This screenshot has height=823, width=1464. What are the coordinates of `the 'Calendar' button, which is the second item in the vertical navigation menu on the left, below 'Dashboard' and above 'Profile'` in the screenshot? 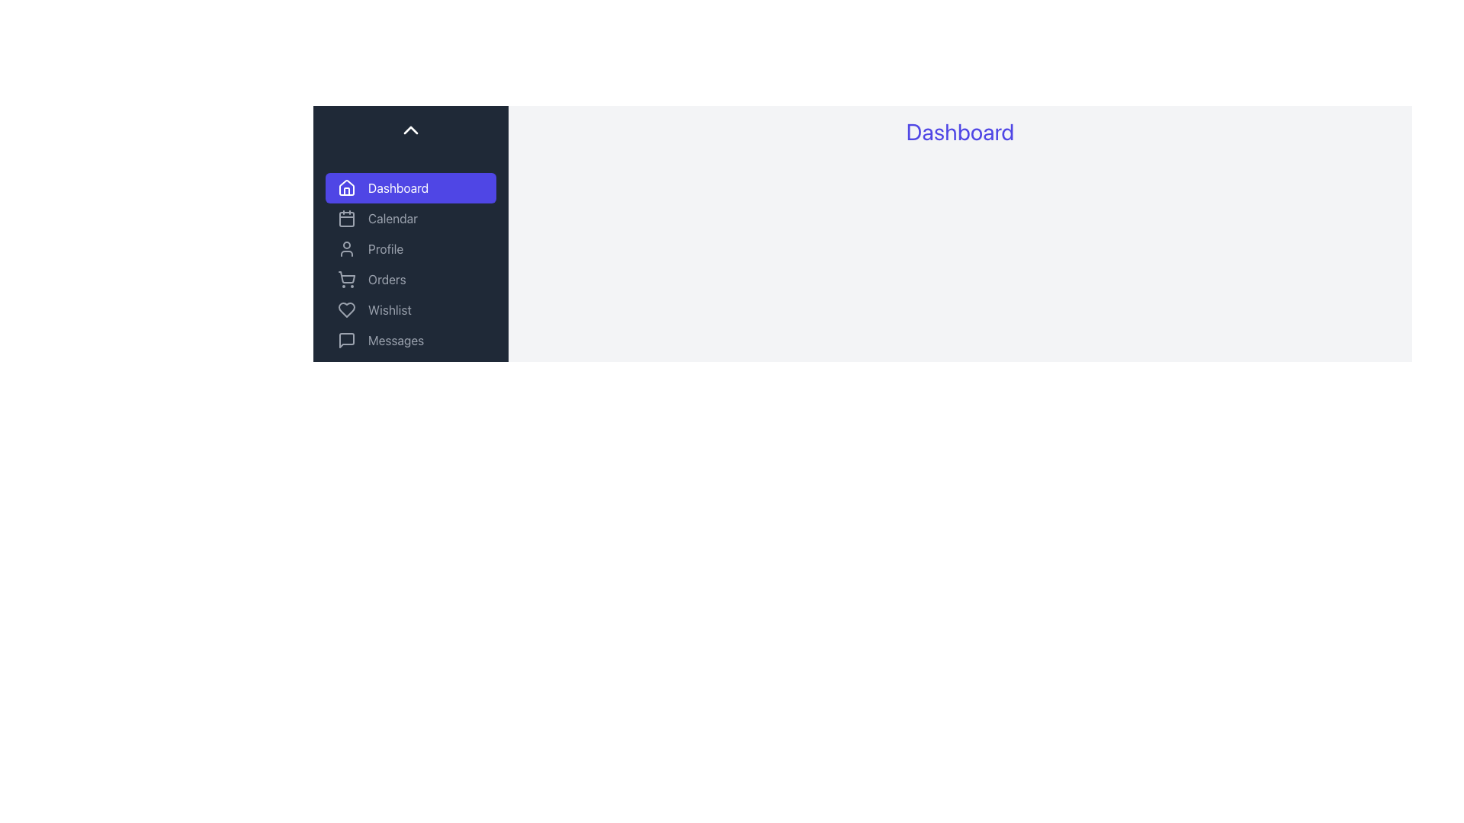 It's located at (410, 218).